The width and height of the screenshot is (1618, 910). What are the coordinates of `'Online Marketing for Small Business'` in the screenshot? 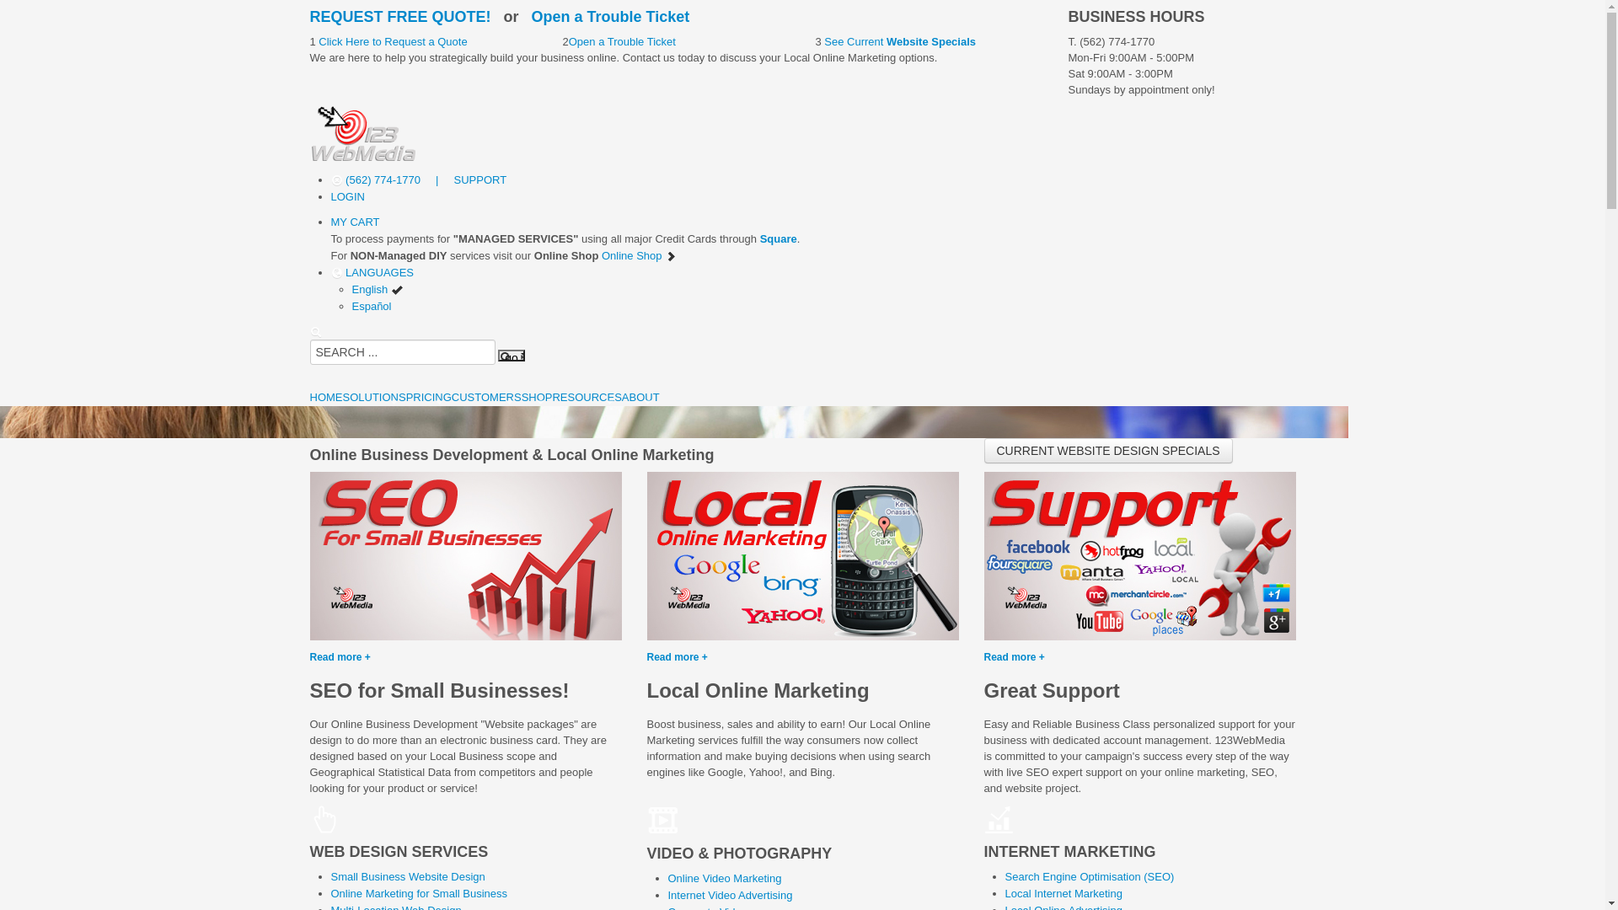 It's located at (330, 892).